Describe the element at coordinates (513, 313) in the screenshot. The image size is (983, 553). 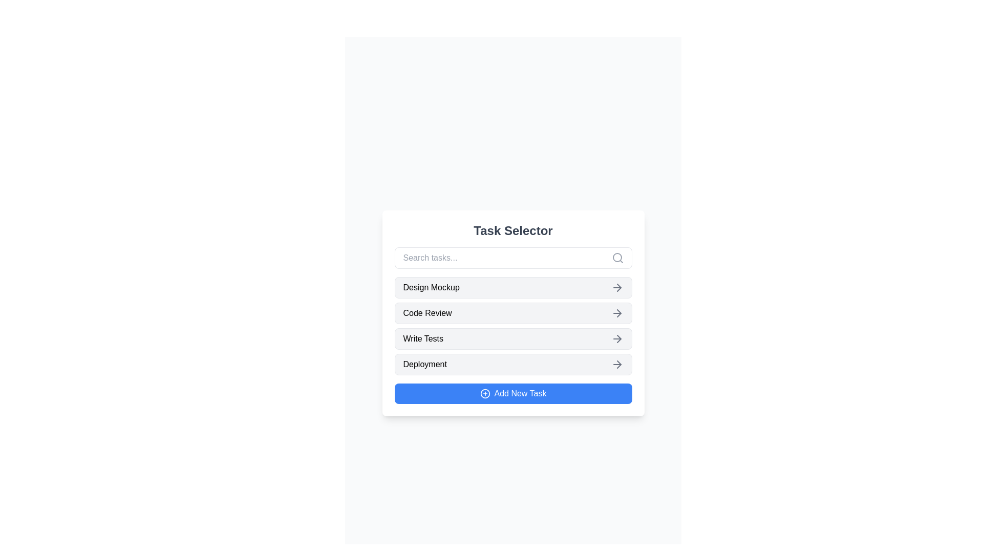
I see `the second task item labeled 'Code Review' in the vertically aligned task options list` at that location.